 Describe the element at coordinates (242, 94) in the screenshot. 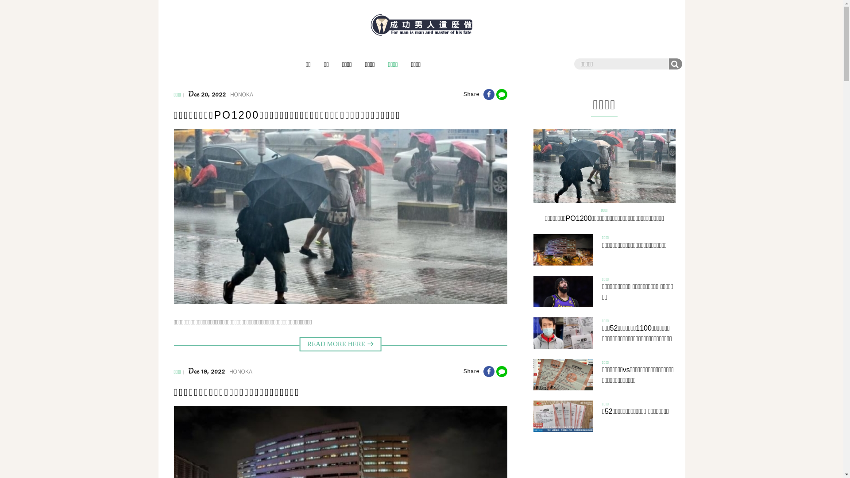

I see `'HONOKA'` at that location.